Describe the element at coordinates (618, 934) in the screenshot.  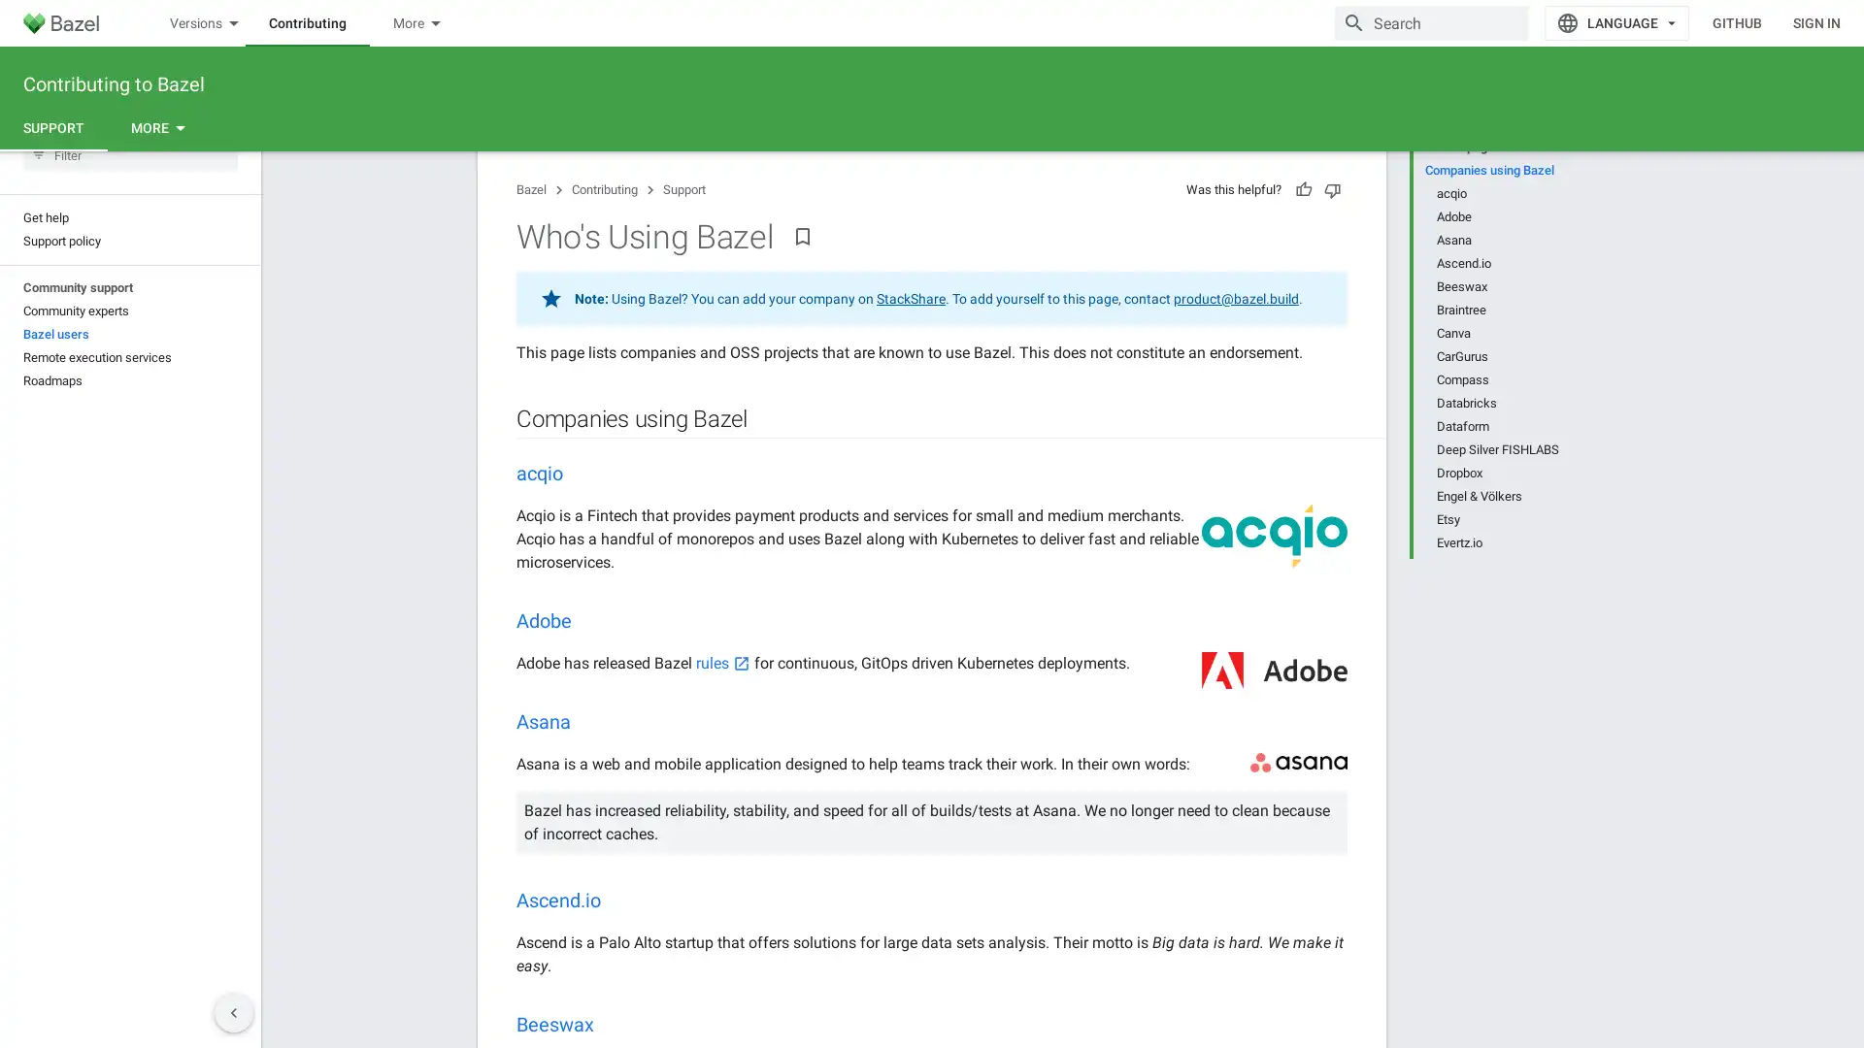
I see `Copy link to this section: Ascend.io` at that location.